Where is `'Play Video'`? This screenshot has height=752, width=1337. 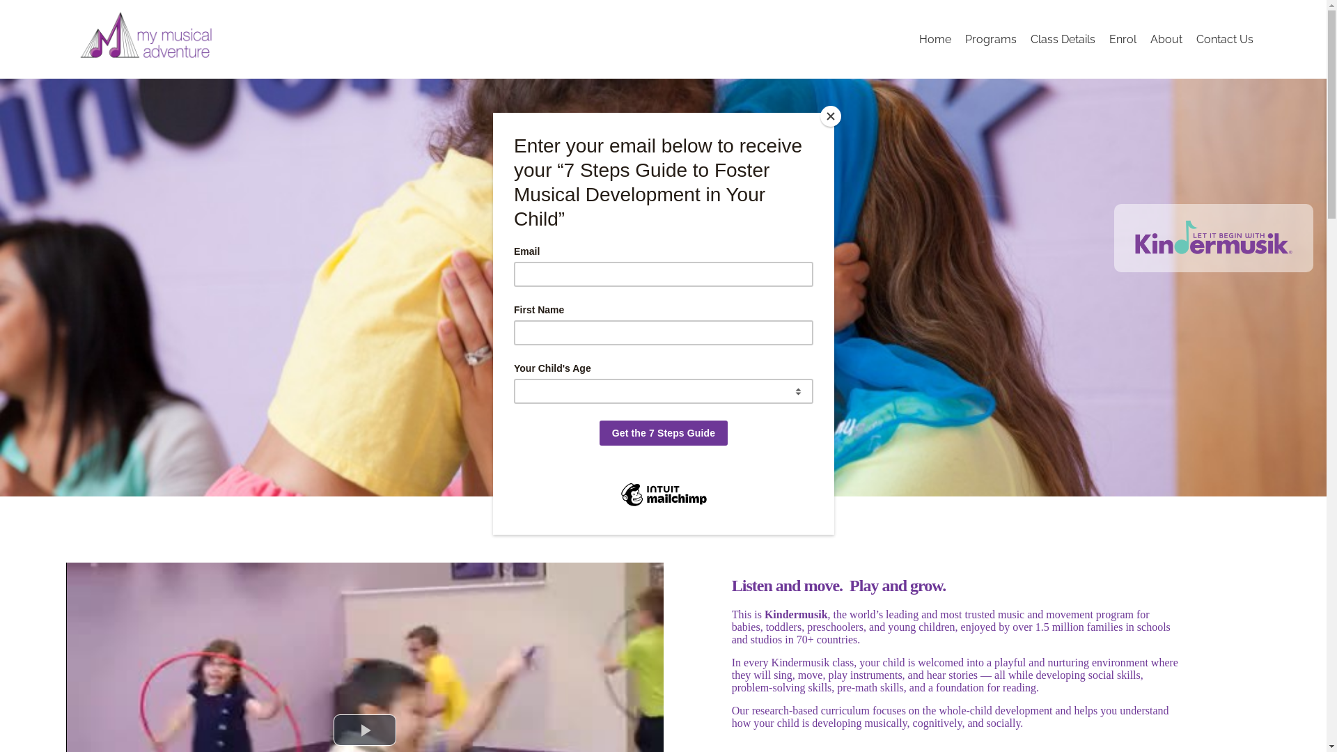 'Play Video' is located at coordinates (364, 729).